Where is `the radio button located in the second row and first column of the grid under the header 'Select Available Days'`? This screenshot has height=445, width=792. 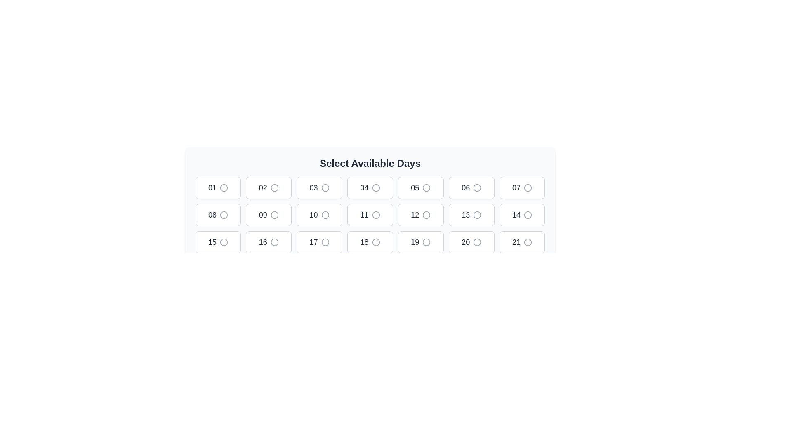
the radio button located in the second row and first column of the grid under the header 'Select Available Days' is located at coordinates (224, 214).